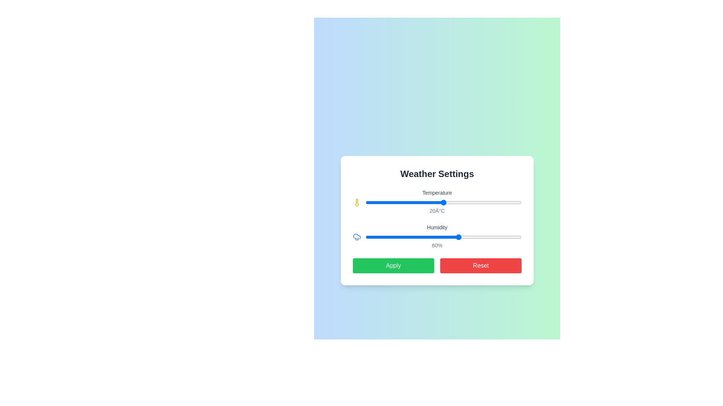 Image resolution: width=723 pixels, height=406 pixels. Describe the element at coordinates (512, 237) in the screenshot. I see `humidity` at that location.